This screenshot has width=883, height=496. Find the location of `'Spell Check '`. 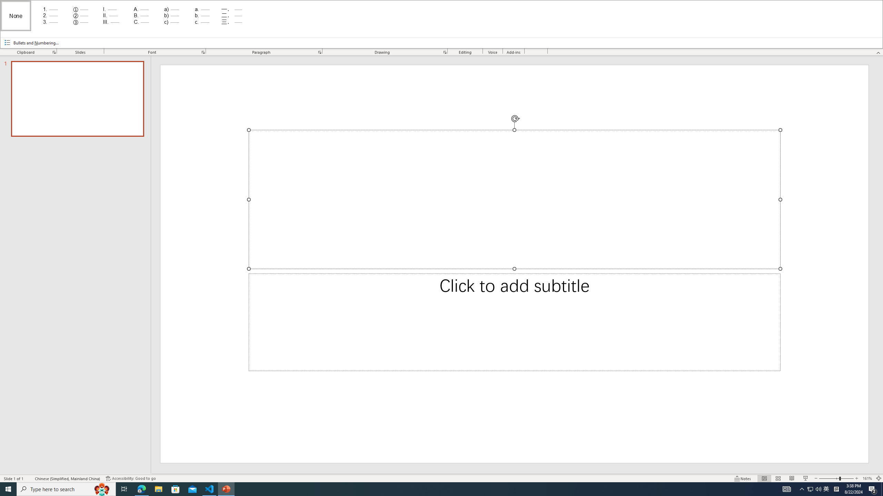

'Spell Check ' is located at coordinates (30, 478).